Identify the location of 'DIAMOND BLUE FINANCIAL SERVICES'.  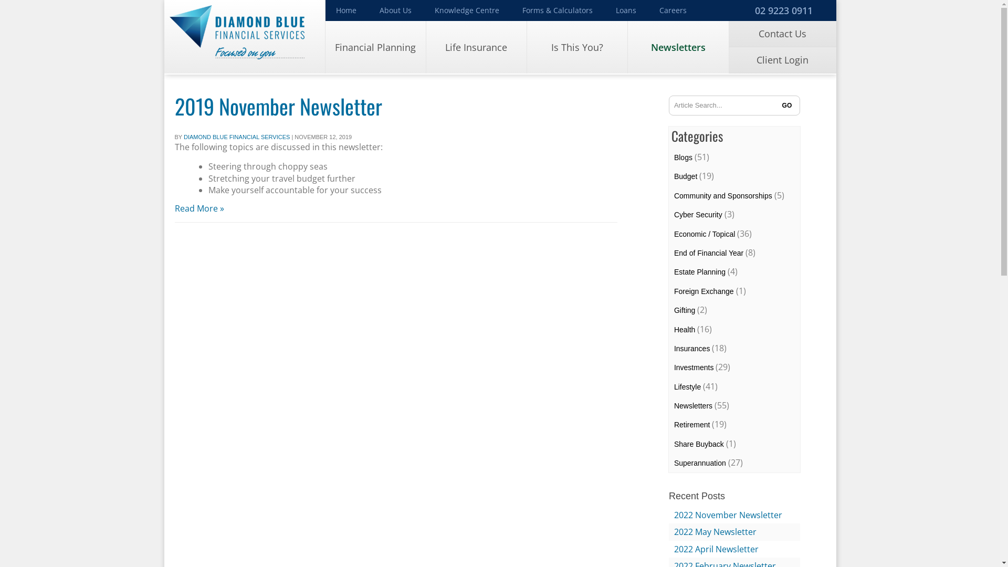
(184, 136).